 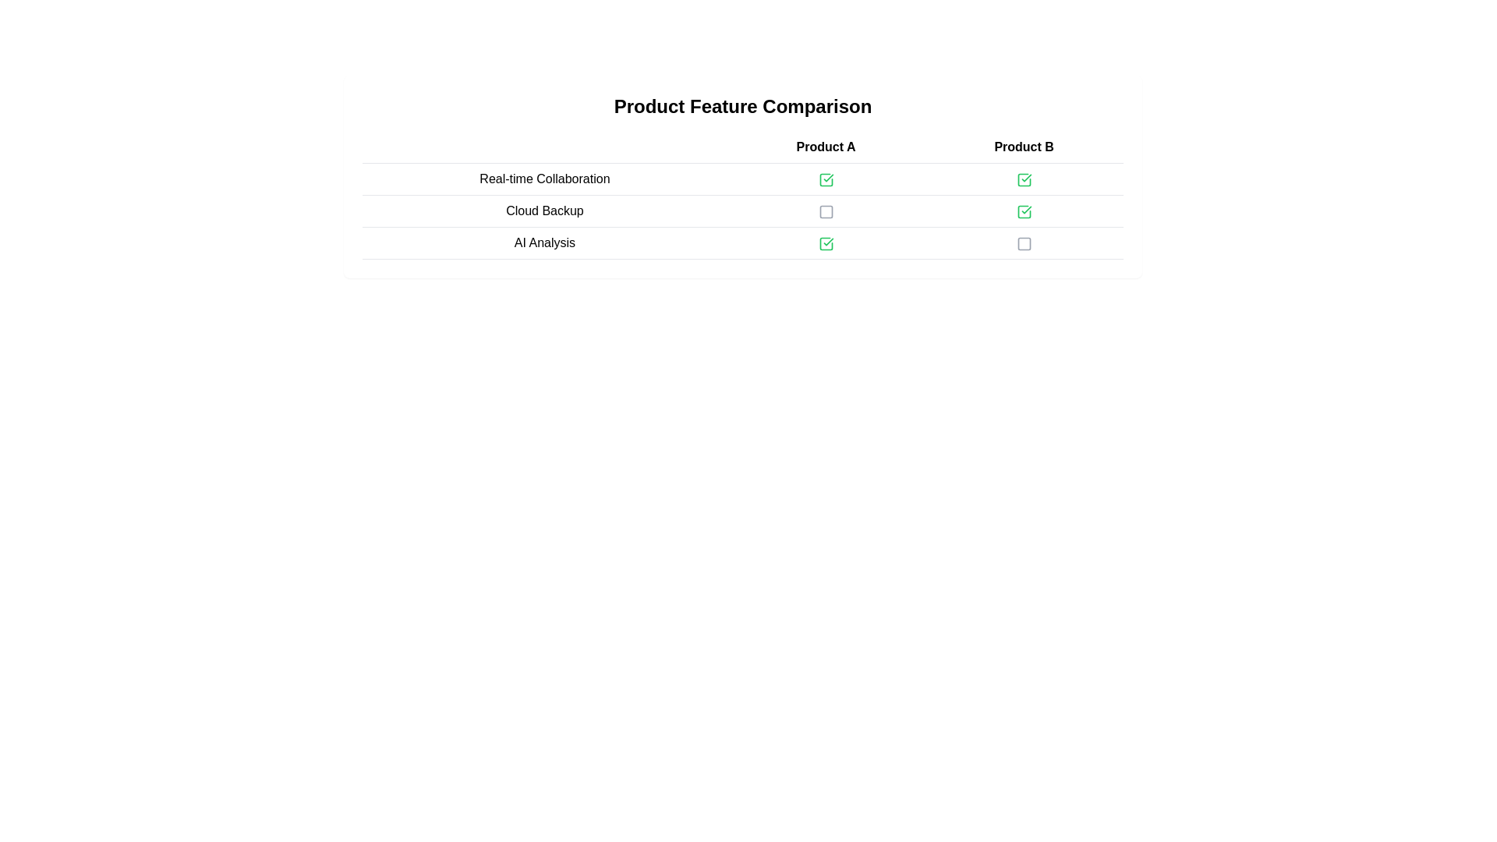 I want to click on the inactive icon representing the unselected state for 'Product B' in the 'AI Analysis' row of the table, so click(x=1024, y=243).